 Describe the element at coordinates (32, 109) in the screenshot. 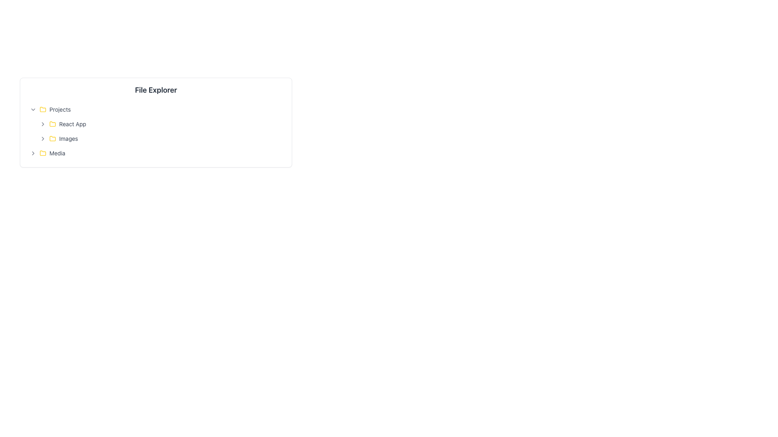

I see `the chevron icon located to the left of the 'Projects' label` at that location.